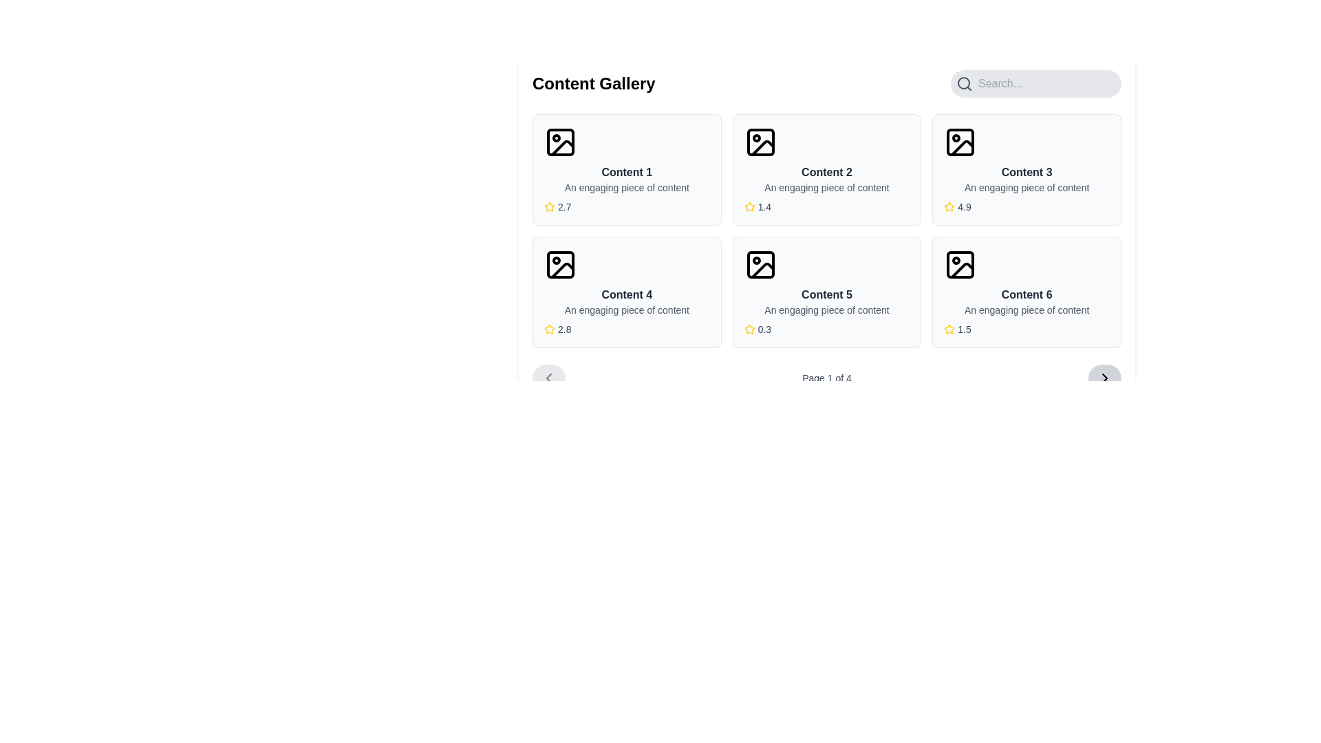 Image resolution: width=1321 pixels, height=743 pixels. Describe the element at coordinates (564, 329) in the screenshot. I see `the Static Text element displaying the rating value '2.8' located to the right of the yellow star icon in the content tile labeled 'Content 4'` at that location.